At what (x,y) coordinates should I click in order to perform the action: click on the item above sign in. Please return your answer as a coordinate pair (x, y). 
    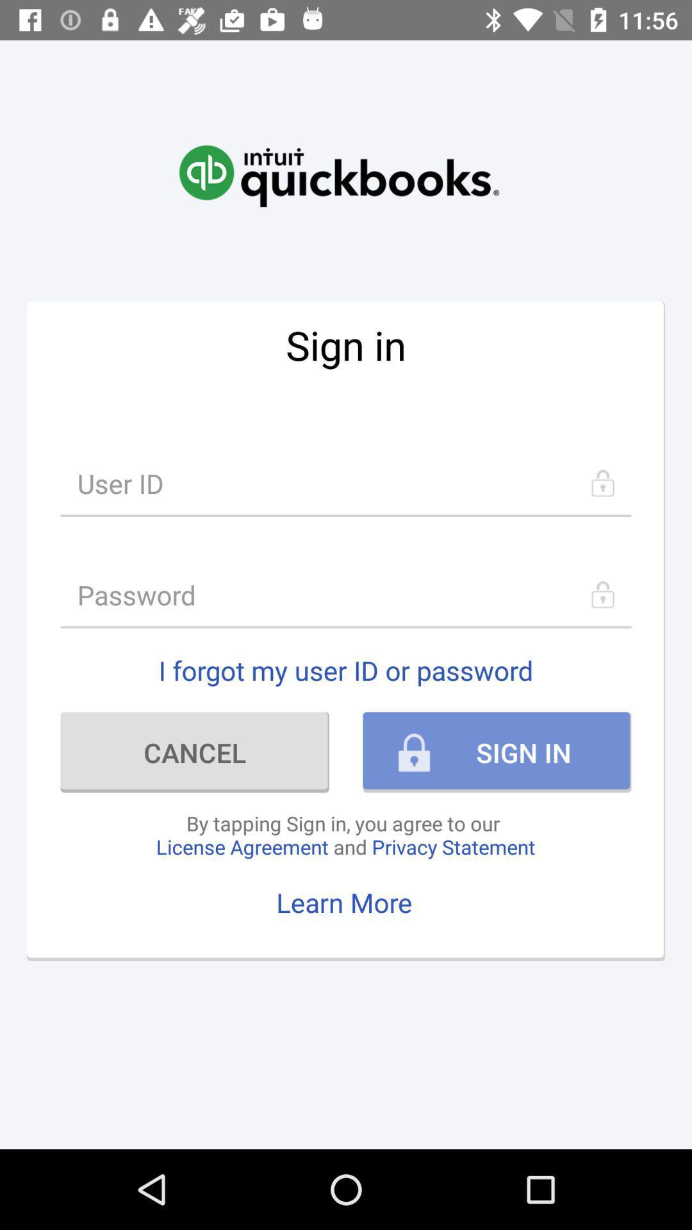
    Looking at the image, I should click on (338, 161).